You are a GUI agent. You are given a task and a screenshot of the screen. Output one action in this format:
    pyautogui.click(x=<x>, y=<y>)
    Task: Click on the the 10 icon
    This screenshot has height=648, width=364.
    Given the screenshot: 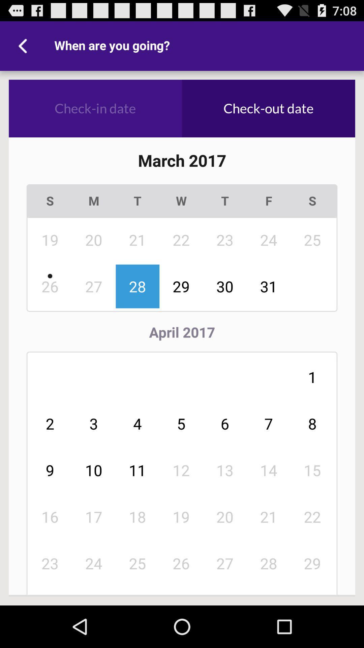 What is the action you would take?
    pyautogui.click(x=94, y=470)
    